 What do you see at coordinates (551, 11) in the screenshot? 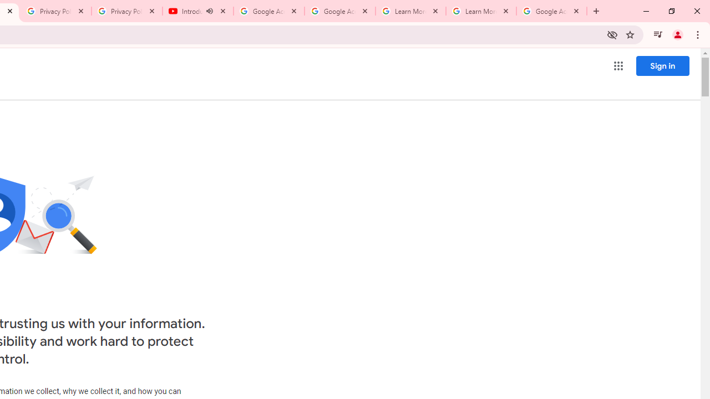
I see `'Google Account'` at bounding box center [551, 11].